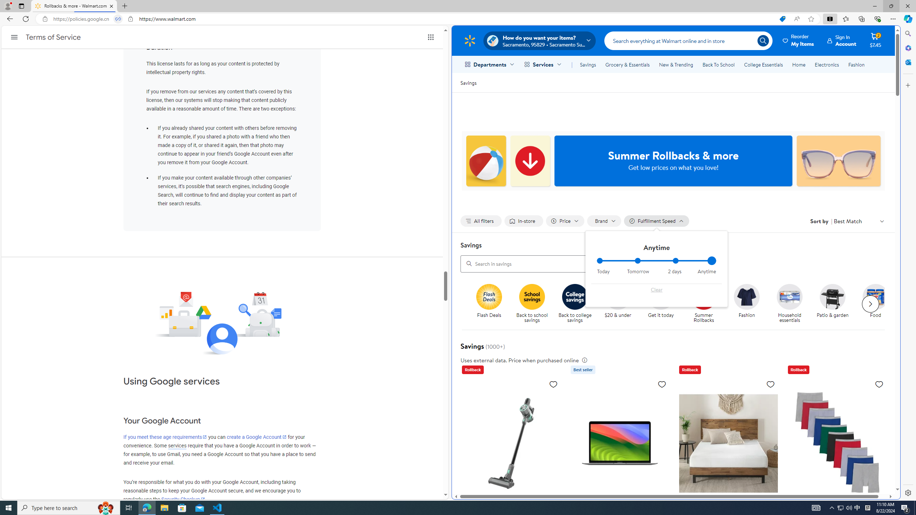  Describe the element at coordinates (661, 301) in the screenshot. I see `'Get it today Get it today'` at that location.